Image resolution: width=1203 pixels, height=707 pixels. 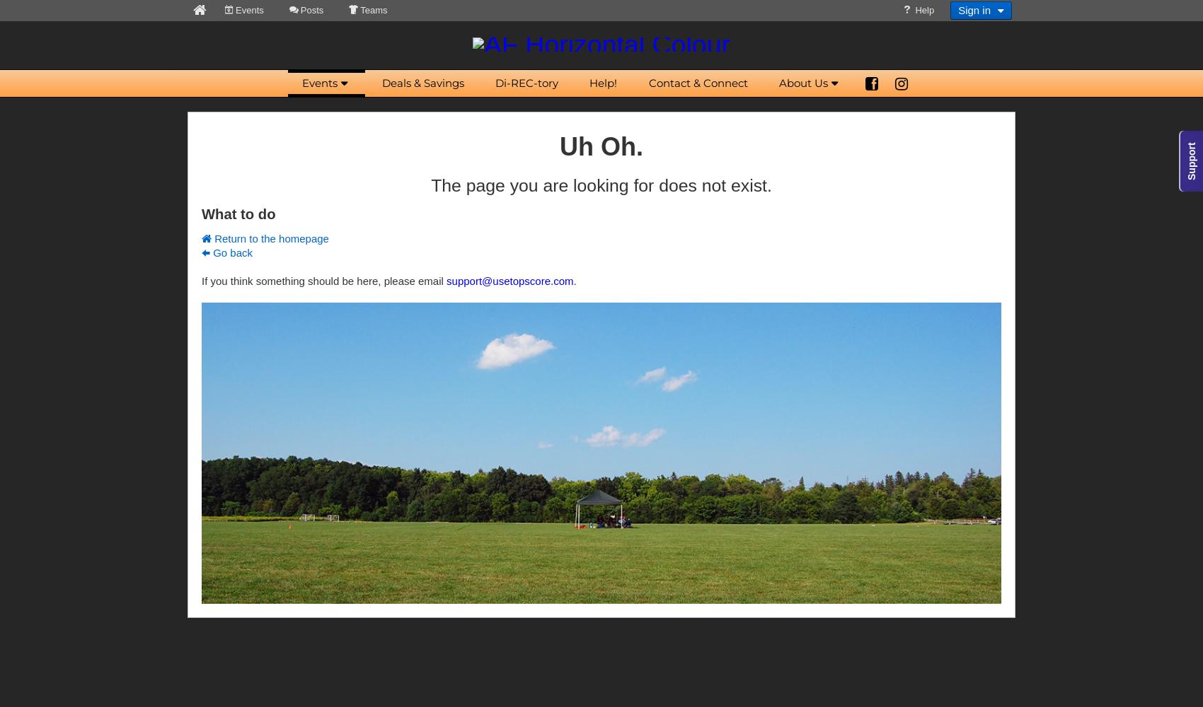 What do you see at coordinates (231, 252) in the screenshot?
I see `'Go back'` at bounding box center [231, 252].